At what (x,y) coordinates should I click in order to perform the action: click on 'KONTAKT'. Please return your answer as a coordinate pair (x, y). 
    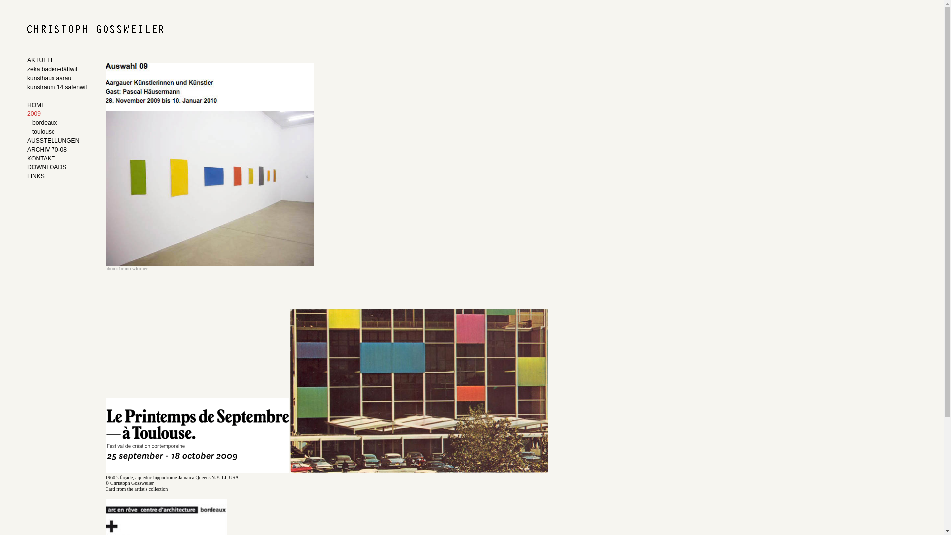
    Looking at the image, I should click on (52, 159).